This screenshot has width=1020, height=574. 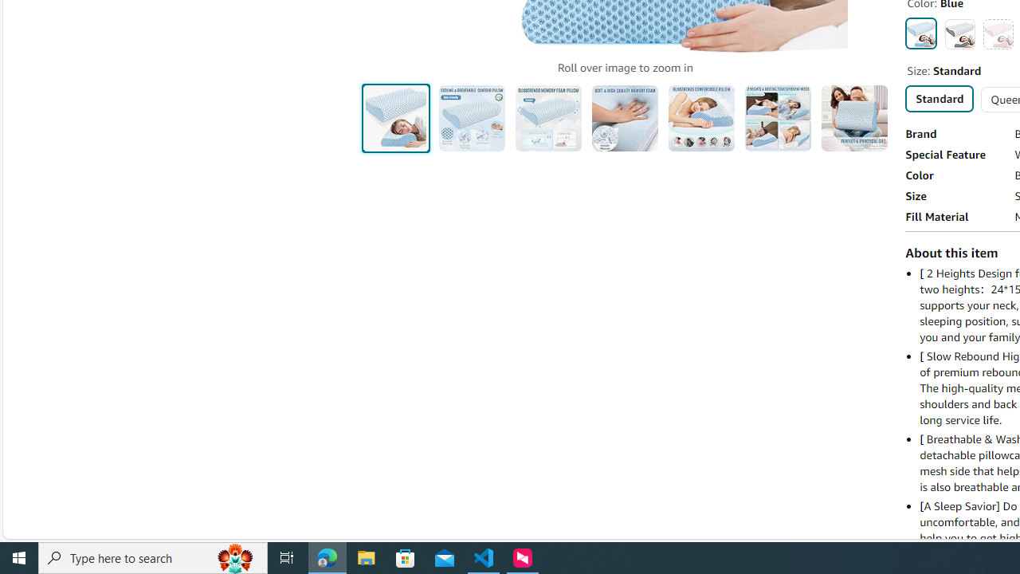 What do you see at coordinates (959, 33) in the screenshot?
I see `'Grey'` at bounding box center [959, 33].